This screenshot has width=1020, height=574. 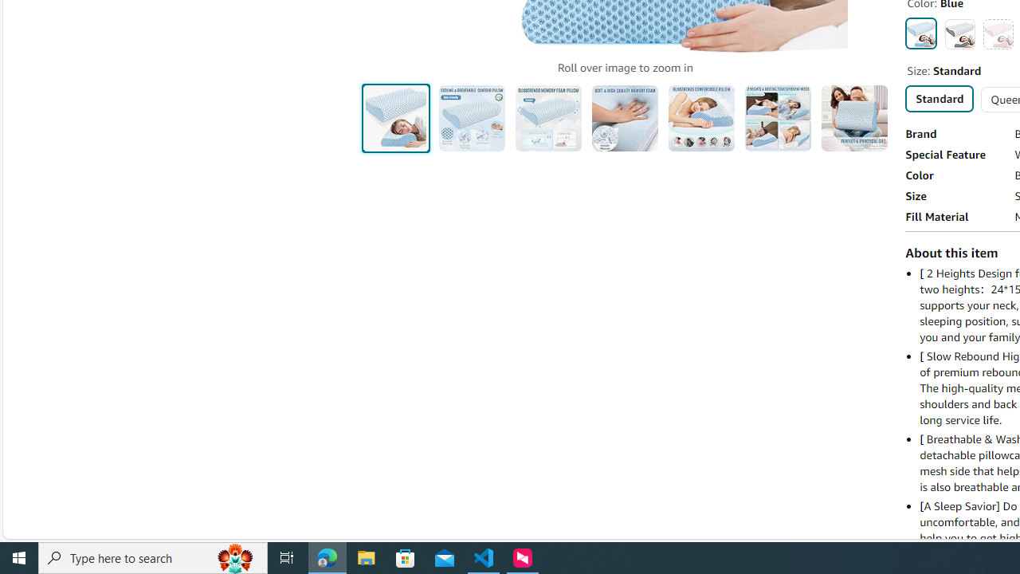 What do you see at coordinates (959, 33) in the screenshot?
I see `'Grey'` at bounding box center [959, 33].